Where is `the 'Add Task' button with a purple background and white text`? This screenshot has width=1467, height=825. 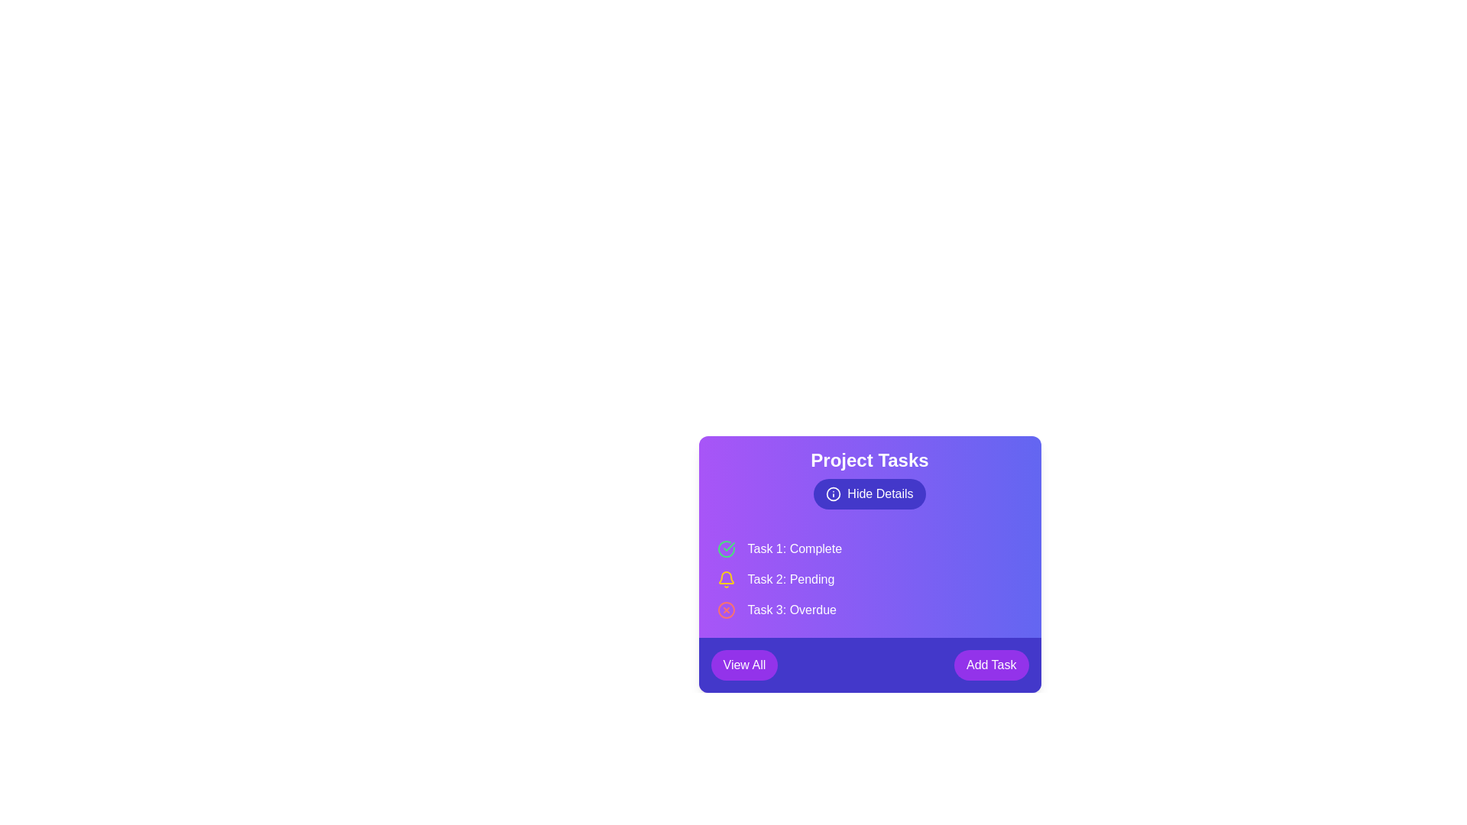
the 'Add Task' button with a purple background and white text is located at coordinates (991, 665).